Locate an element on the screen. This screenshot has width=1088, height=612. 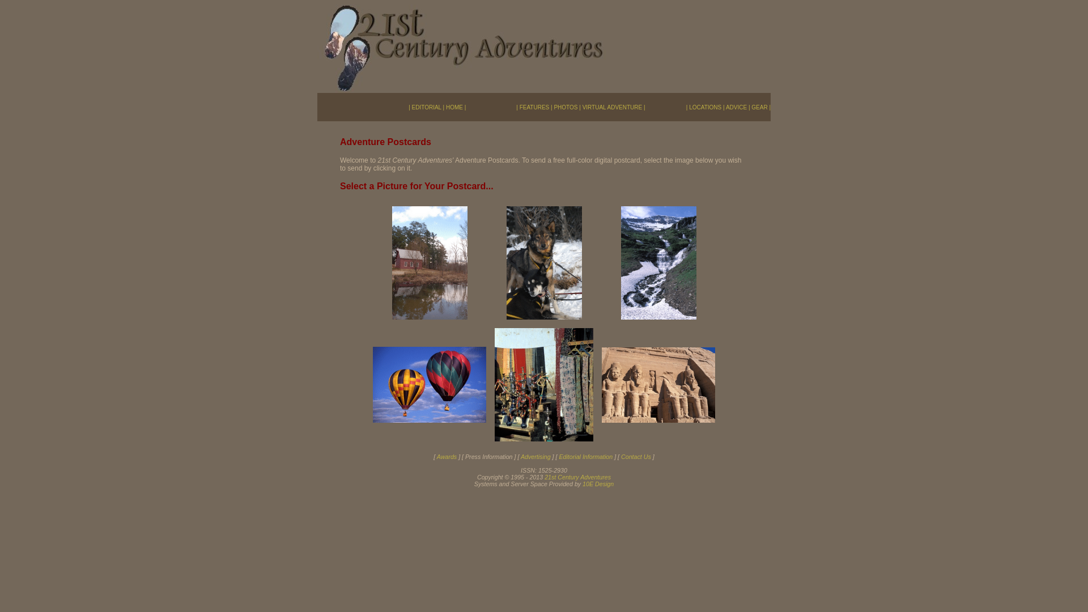
'VIRTUAL ADVENTURE' is located at coordinates (611, 107).